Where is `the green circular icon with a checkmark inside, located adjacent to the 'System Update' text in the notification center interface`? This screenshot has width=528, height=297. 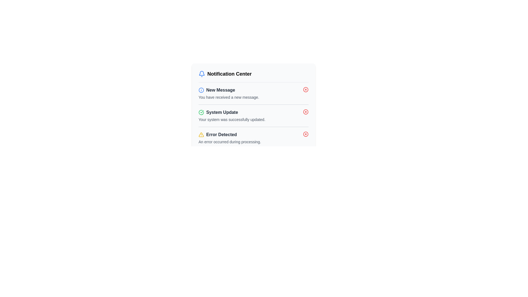
the green circular icon with a checkmark inside, located adjacent to the 'System Update' text in the notification center interface is located at coordinates (201, 112).